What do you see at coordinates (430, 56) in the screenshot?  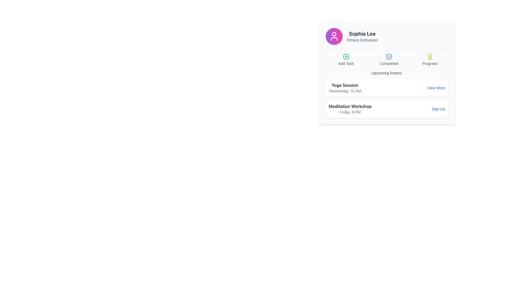 I see `the visual appearance of the circle-shaped SVG element within the award icon under the title 'Fitness Enthusiast' for 'Sophia Lee'` at bounding box center [430, 56].